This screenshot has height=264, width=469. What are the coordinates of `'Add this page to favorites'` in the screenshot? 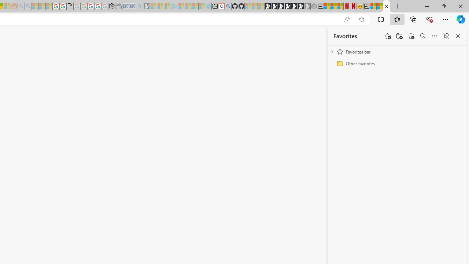 It's located at (387, 36).